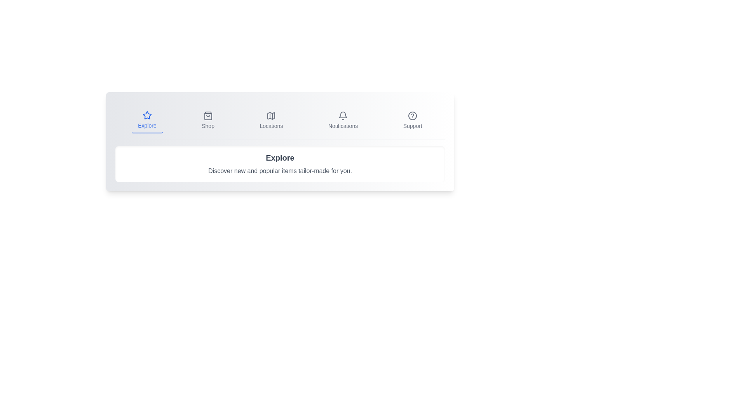 This screenshot has height=420, width=746. What do you see at coordinates (147, 120) in the screenshot?
I see `the navigation button that redirects to the 'Explore' section of the application` at bounding box center [147, 120].